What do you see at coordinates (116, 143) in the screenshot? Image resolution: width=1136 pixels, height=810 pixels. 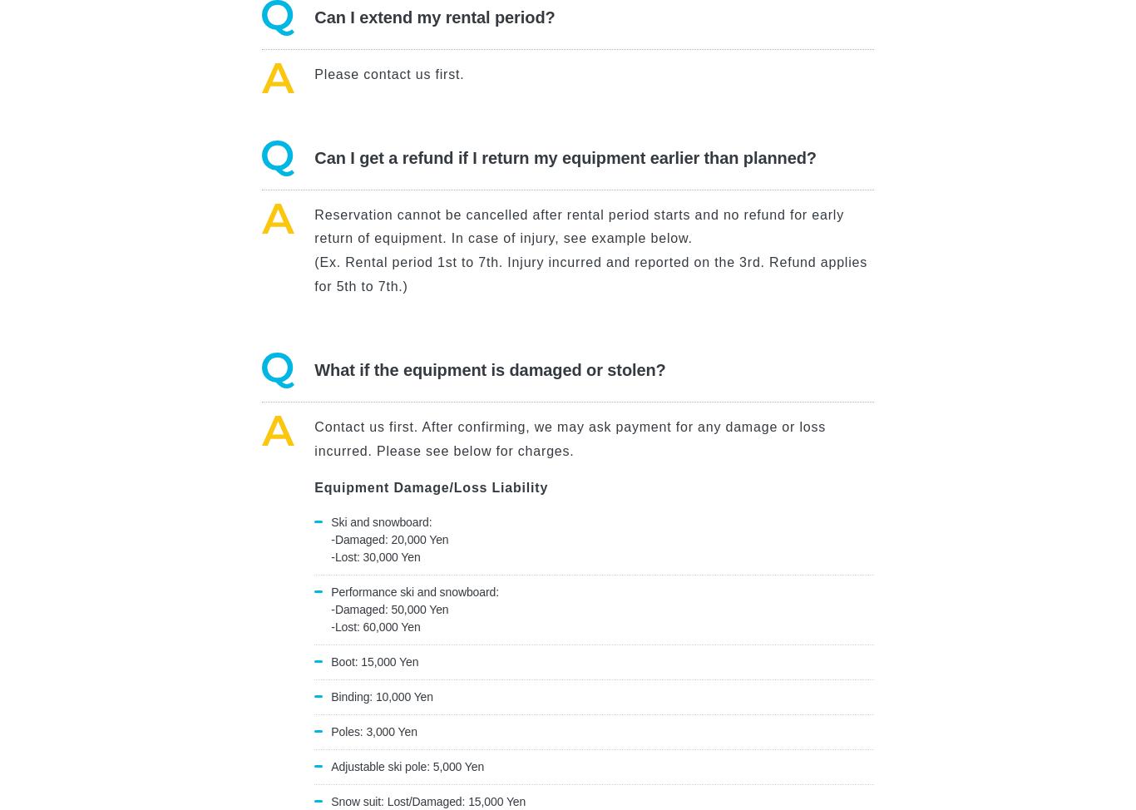 I see `'White Liner’s Response'` at bounding box center [116, 143].